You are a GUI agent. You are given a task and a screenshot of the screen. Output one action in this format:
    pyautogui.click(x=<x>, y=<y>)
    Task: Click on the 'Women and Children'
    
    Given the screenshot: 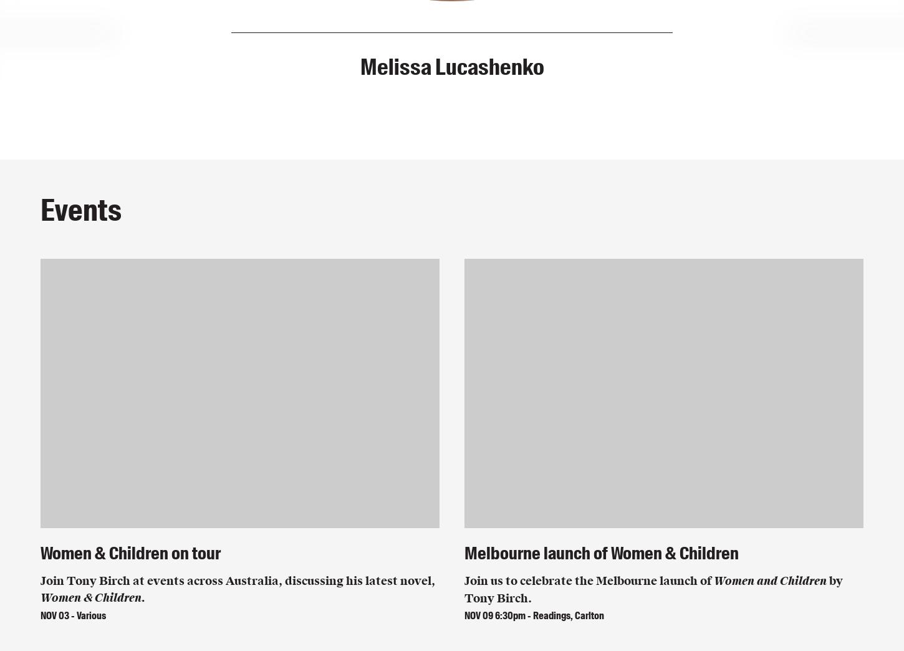 What is the action you would take?
    pyautogui.click(x=713, y=580)
    